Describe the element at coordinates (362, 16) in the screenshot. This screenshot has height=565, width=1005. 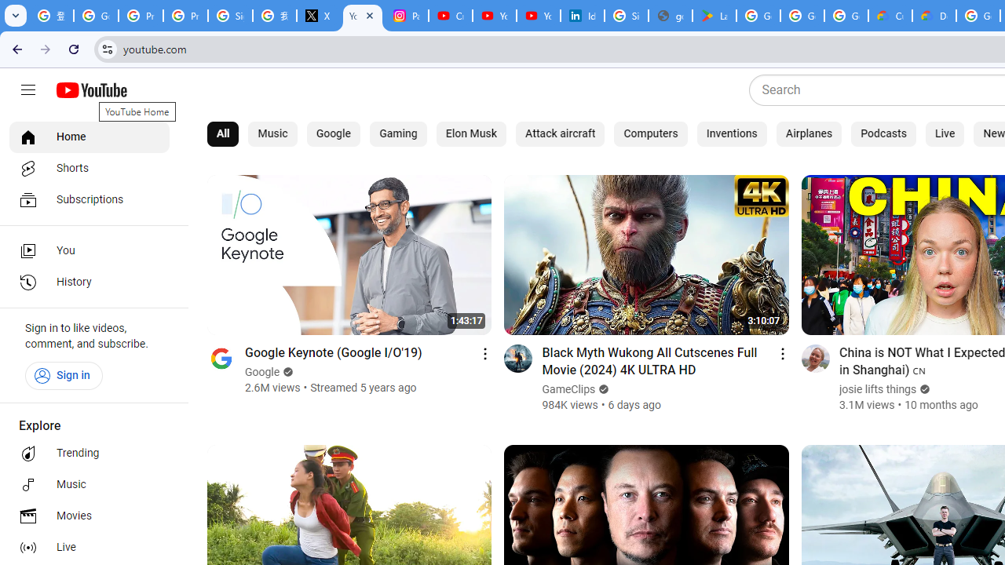
I see `'YouTube'` at that location.